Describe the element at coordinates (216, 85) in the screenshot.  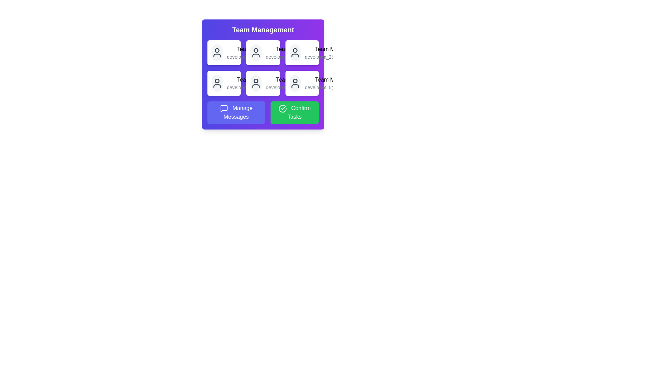
I see `the body part representation in the user profile icon, which is a vector graphic within an SVG icon located in the second row and second column of the grid` at that location.